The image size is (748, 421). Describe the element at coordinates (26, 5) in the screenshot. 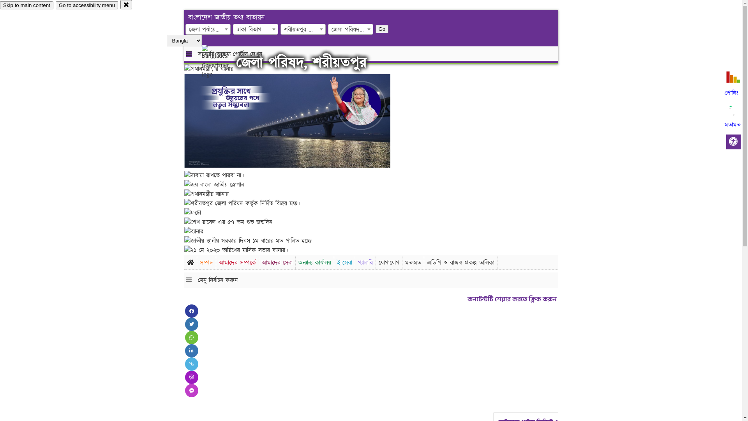

I see `'Skip to main content'` at that location.